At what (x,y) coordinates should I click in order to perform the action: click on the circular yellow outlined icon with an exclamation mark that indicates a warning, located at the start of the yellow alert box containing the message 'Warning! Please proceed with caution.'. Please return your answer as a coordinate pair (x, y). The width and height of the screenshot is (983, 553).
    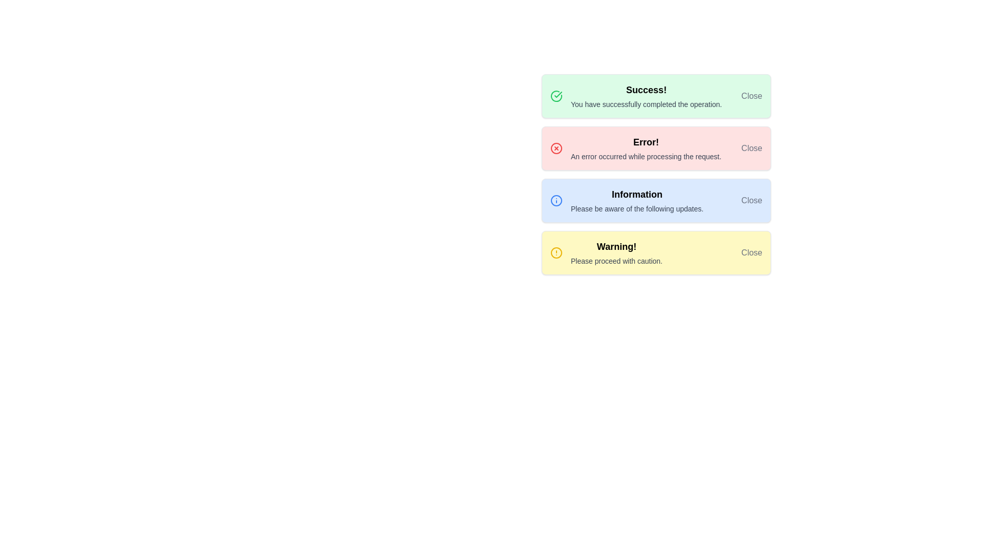
    Looking at the image, I should click on (555, 252).